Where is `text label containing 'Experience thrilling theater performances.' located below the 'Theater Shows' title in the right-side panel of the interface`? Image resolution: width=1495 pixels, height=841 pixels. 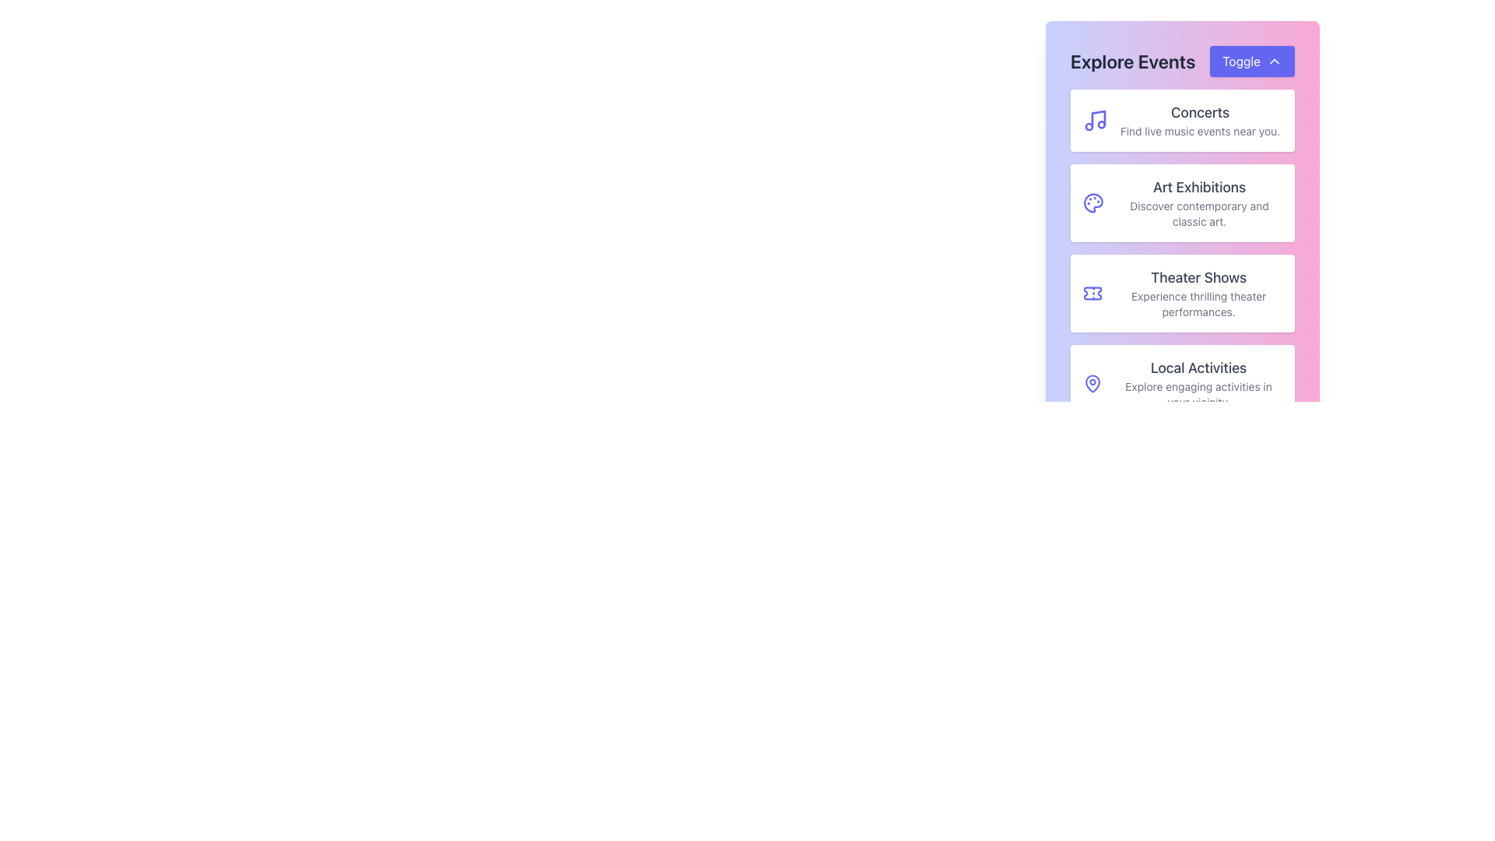
text label containing 'Experience thrilling theater performances.' located below the 'Theater Shows' title in the right-side panel of the interface is located at coordinates (1198, 304).